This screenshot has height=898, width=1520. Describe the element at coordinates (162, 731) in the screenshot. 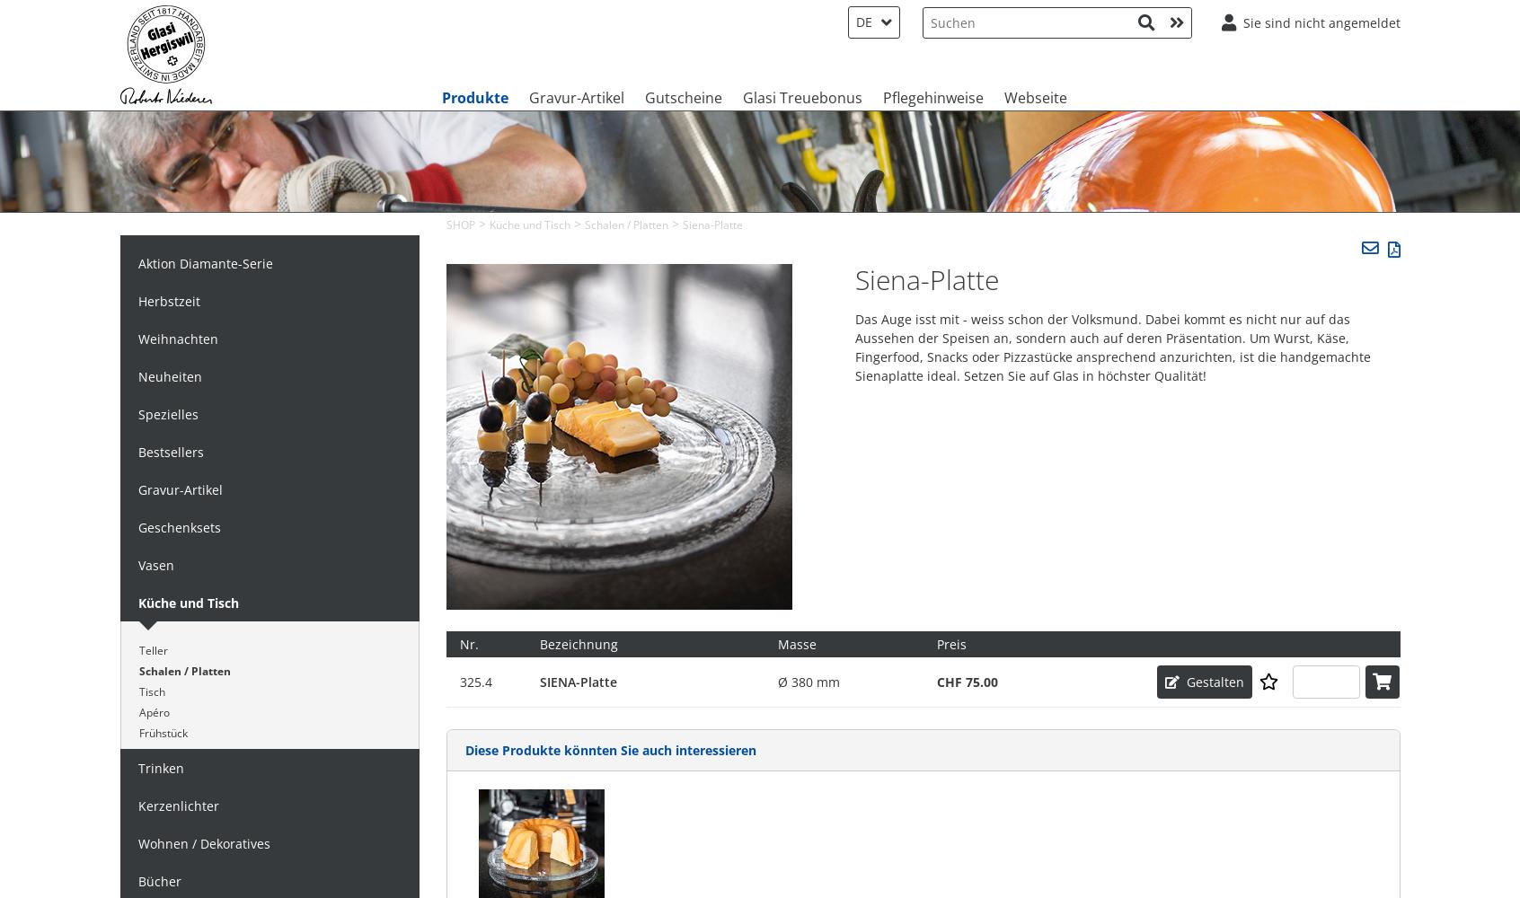

I see `'Frühstück'` at that location.